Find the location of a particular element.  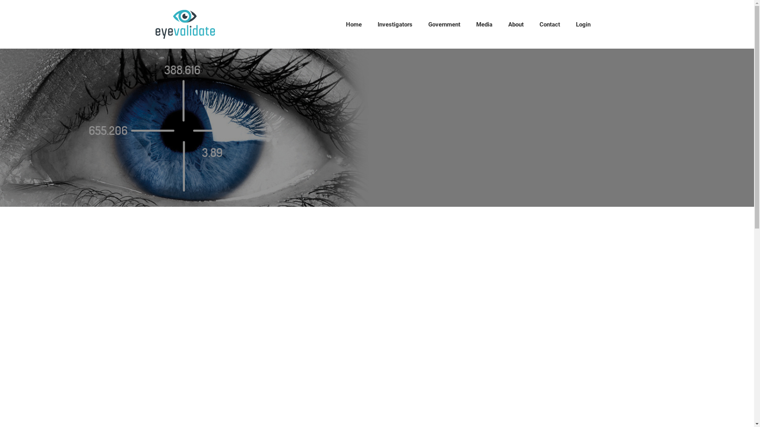

'Government' is located at coordinates (444, 24).